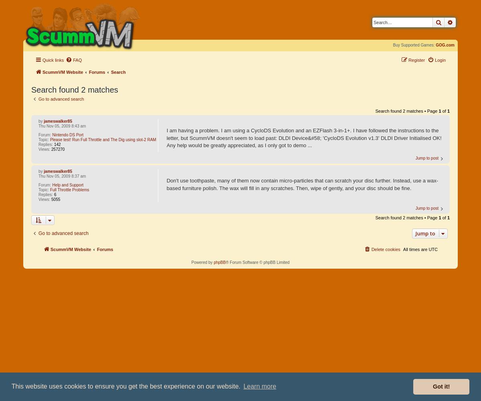 Image resolution: width=481 pixels, height=401 pixels. I want to click on 'Don't use toothpaste, many of them now contain micro-particles that can scratch your disc further. Instead, use a wax-based furniture polish. The wax will fill in any scratches. Then, wipe of gently, and your disc should be fine.', so click(301, 184).